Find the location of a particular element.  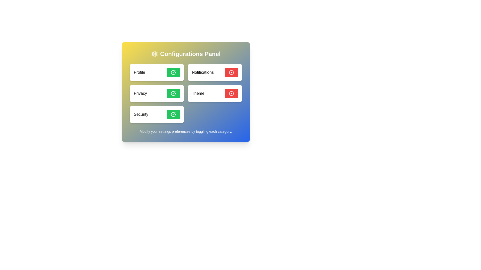

the toggle button in the 'Notifications' section is located at coordinates (231, 72).